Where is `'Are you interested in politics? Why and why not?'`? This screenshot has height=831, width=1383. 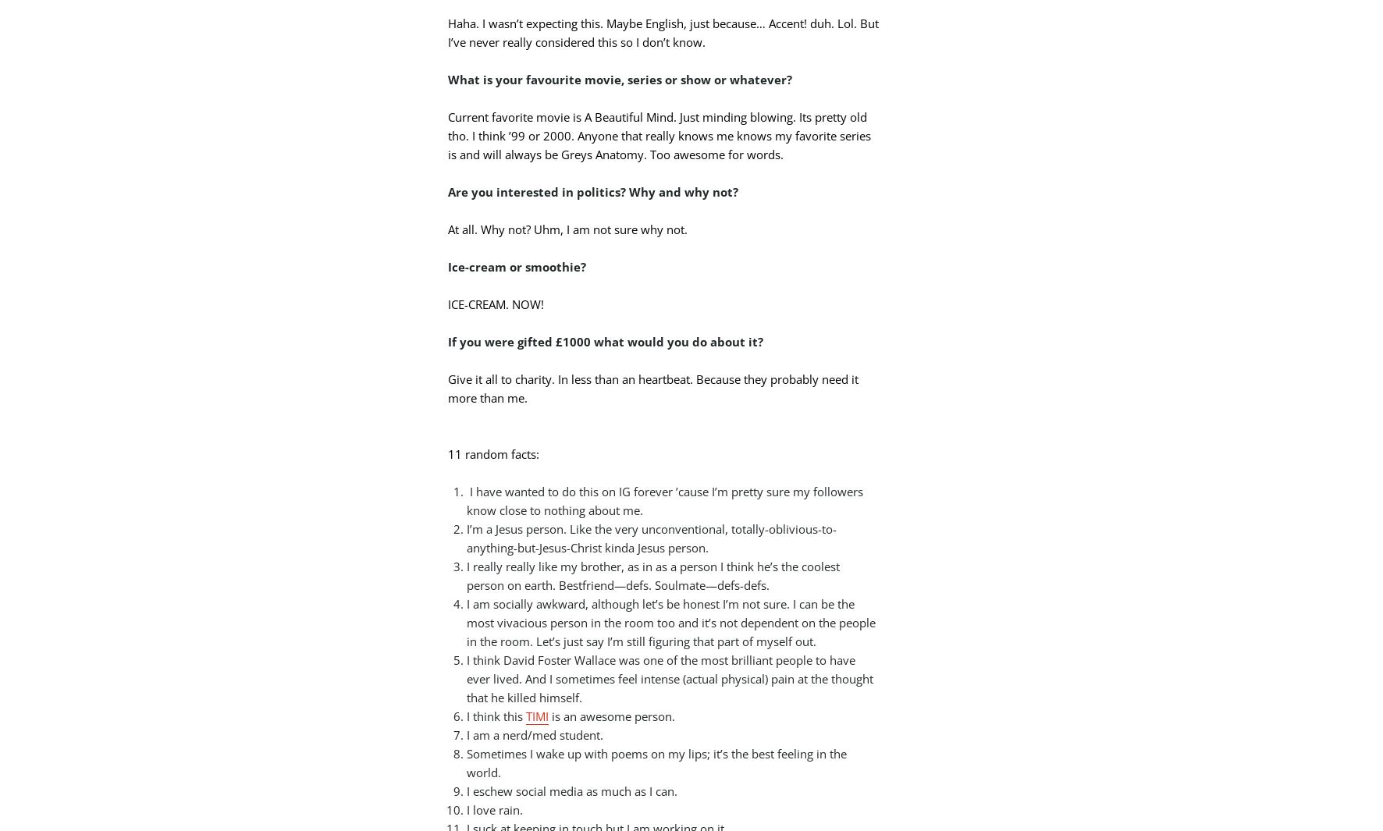 'Are you interested in politics? Why and why not?' is located at coordinates (592, 190).